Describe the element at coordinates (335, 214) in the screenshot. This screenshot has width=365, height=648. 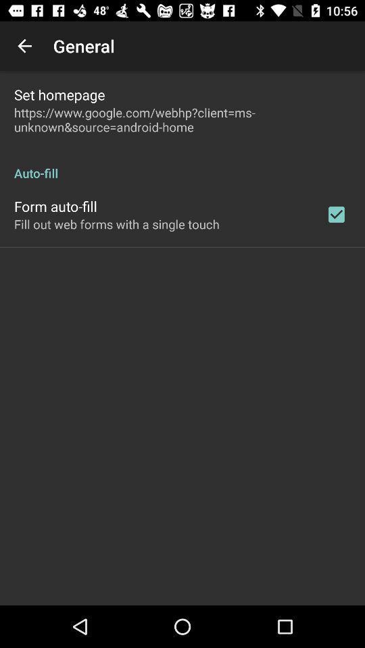
I see `item next to fill out web icon` at that location.